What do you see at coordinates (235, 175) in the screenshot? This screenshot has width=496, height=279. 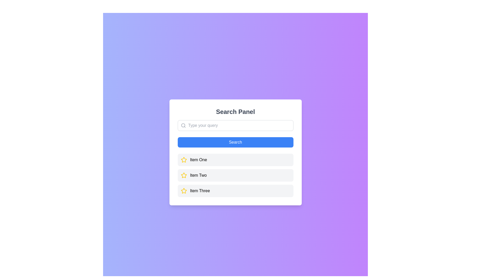 I see `the List item labeled 'Item Two'` at bounding box center [235, 175].